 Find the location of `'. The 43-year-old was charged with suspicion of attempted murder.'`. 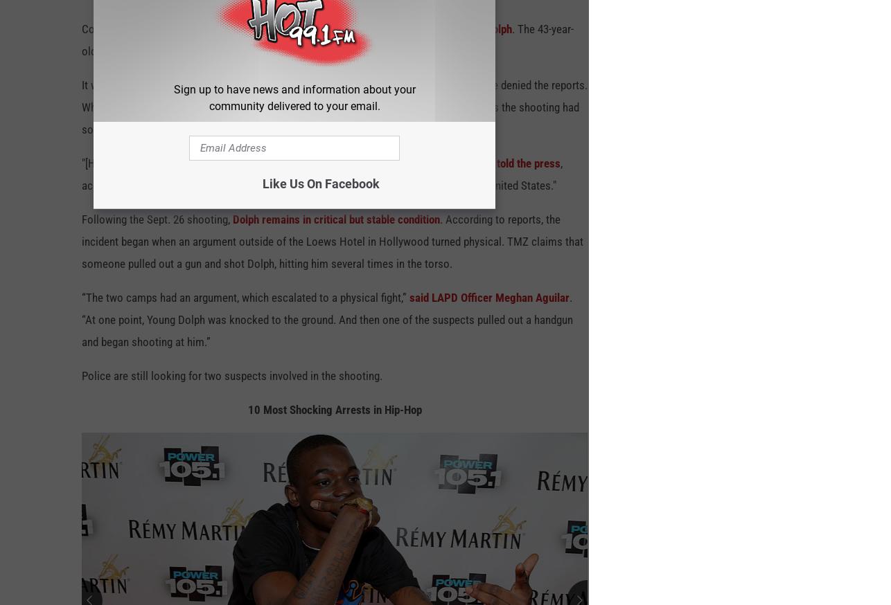

'. The 43-year-old was charged with suspicion of attempted murder.' is located at coordinates (326, 46).